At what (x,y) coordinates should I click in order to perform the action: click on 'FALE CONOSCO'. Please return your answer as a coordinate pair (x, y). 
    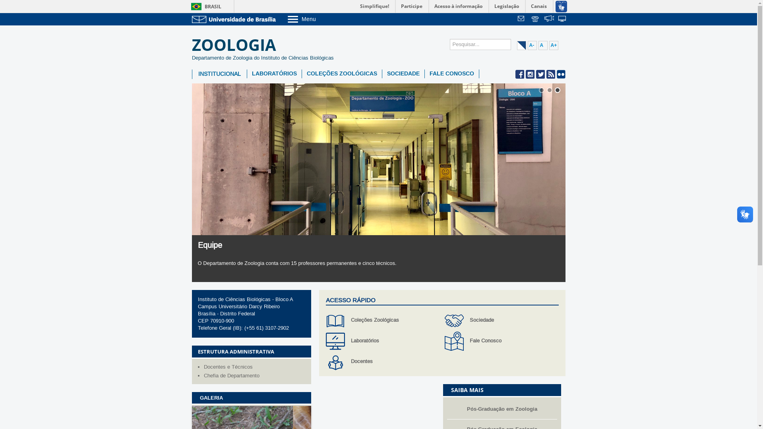
    Looking at the image, I should click on (451, 73).